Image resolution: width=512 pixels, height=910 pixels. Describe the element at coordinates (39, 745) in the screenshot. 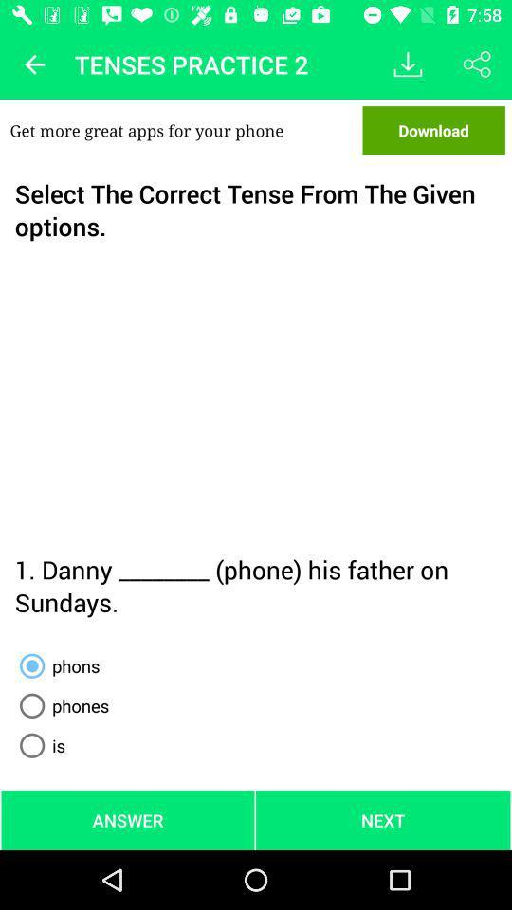

I see `the is item` at that location.